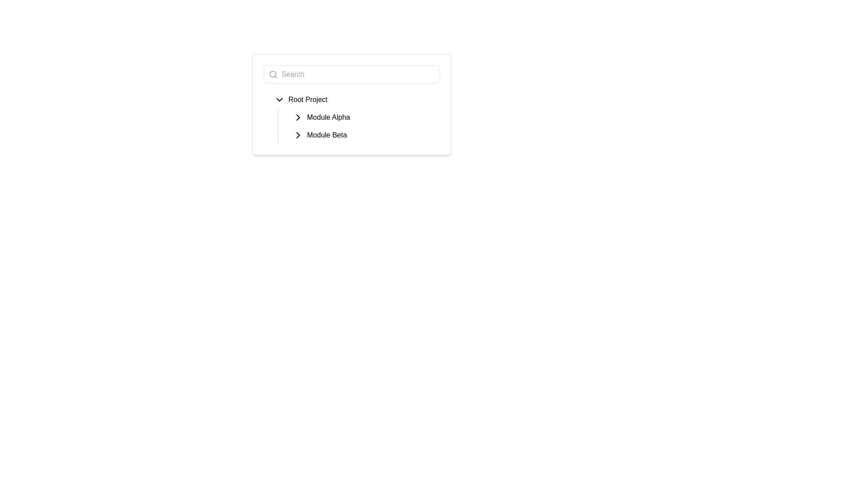 This screenshot has height=479, width=852. What do you see at coordinates (326, 135) in the screenshot?
I see `the 'Module Beta' text label, which is styled with black text on a white background and is positioned next to a chevron icon` at bounding box center [326, 135].